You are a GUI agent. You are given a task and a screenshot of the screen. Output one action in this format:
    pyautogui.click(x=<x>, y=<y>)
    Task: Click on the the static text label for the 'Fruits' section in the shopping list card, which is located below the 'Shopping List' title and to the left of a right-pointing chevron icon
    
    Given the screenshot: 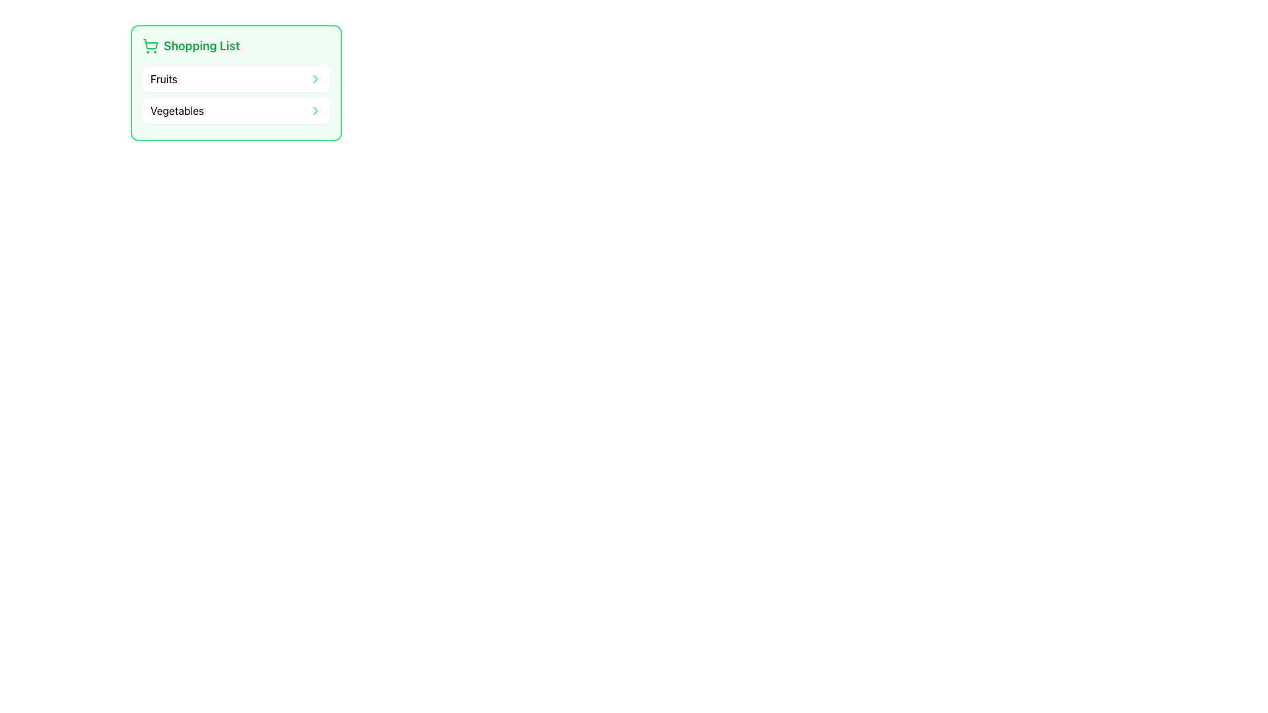 What is the action you would take?
    pyautogui.click(x=163, y=79)
    